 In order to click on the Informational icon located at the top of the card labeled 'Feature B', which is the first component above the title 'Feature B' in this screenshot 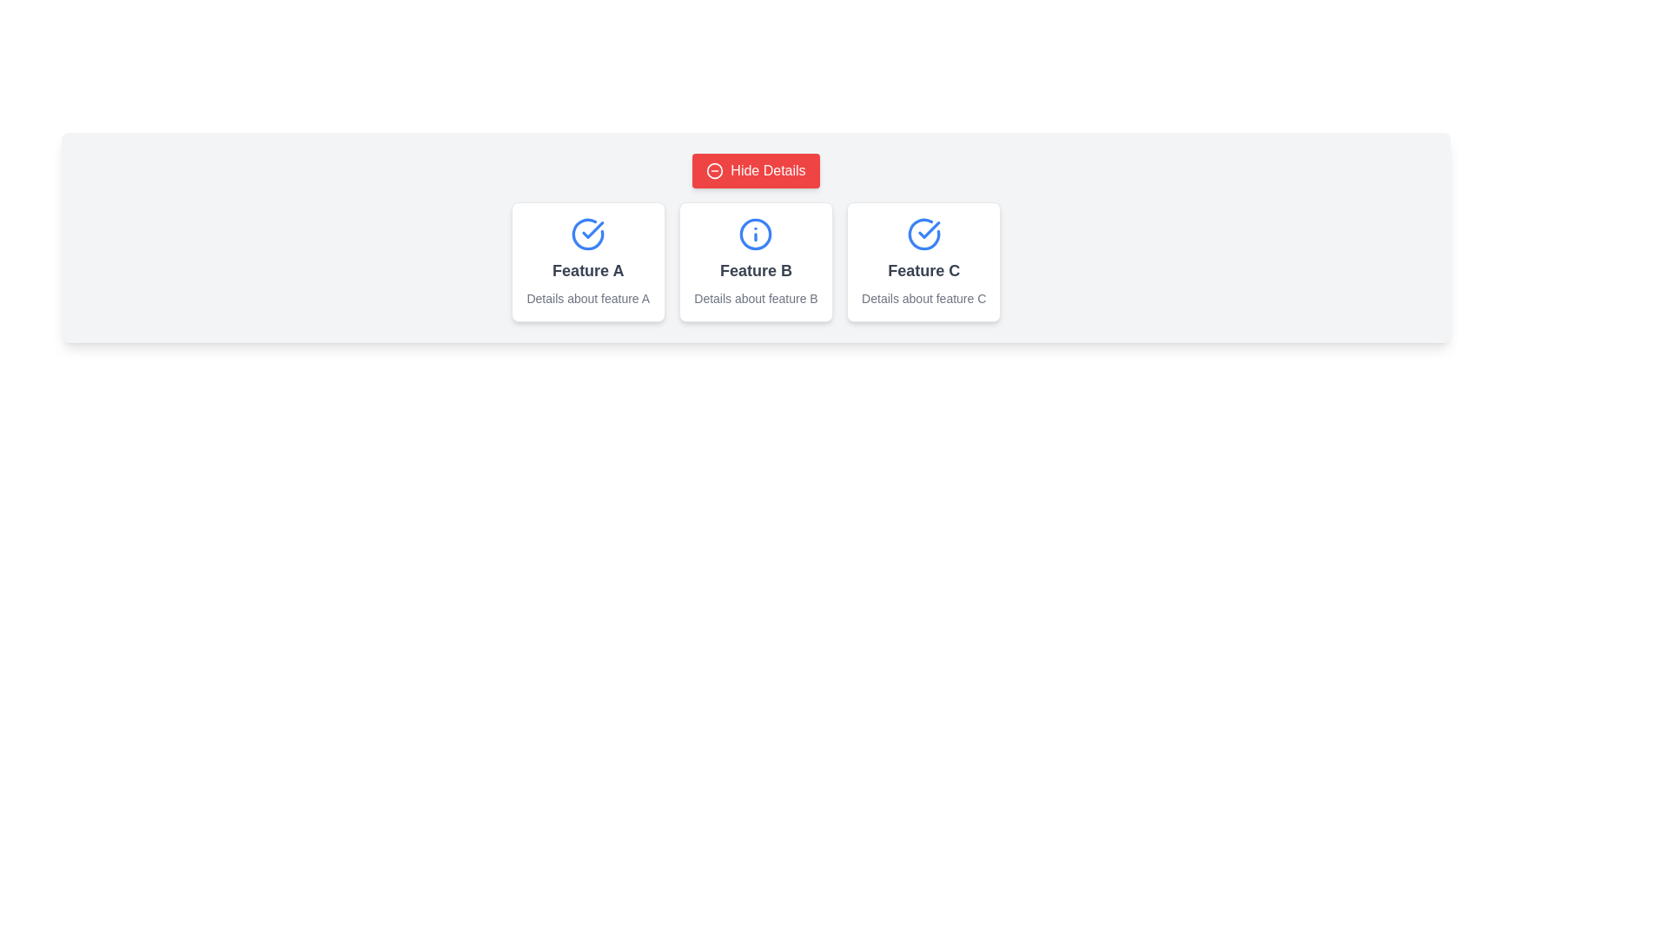, I will do `click(756, 234)`.